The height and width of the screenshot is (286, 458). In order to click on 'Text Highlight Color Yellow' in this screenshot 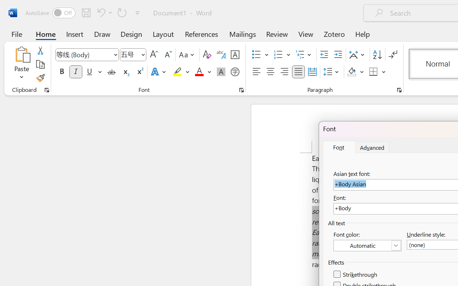, I will do `click(177, 72)`.